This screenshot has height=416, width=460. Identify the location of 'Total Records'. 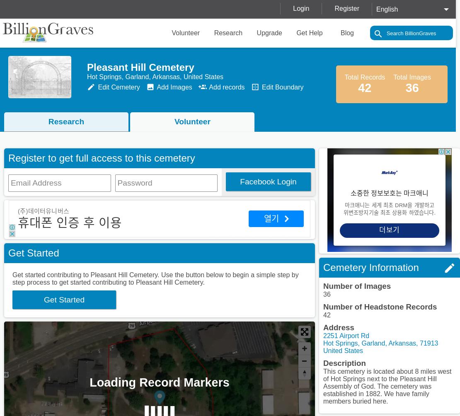
(364, 77).